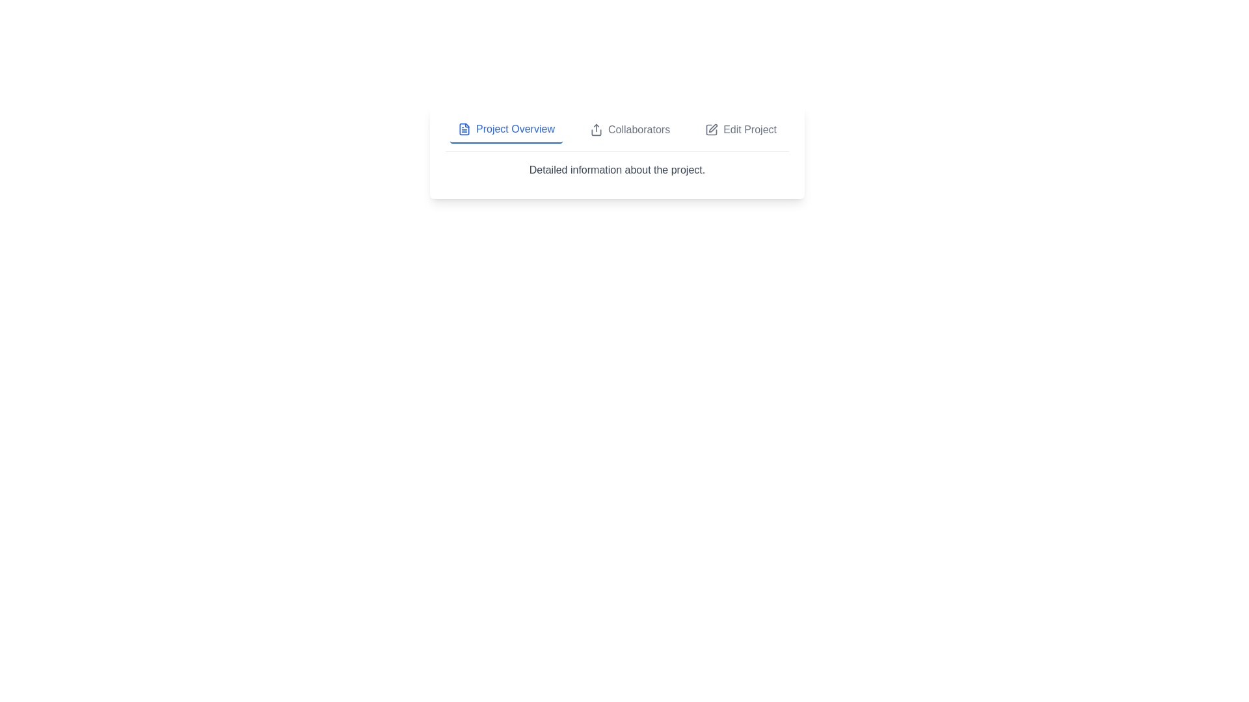 This screenshot has width=1249, height=702. Describe the element at coordinates (505, 130) in the screenshot. I see `the tab titled Project Overview to switch the content` at that location.